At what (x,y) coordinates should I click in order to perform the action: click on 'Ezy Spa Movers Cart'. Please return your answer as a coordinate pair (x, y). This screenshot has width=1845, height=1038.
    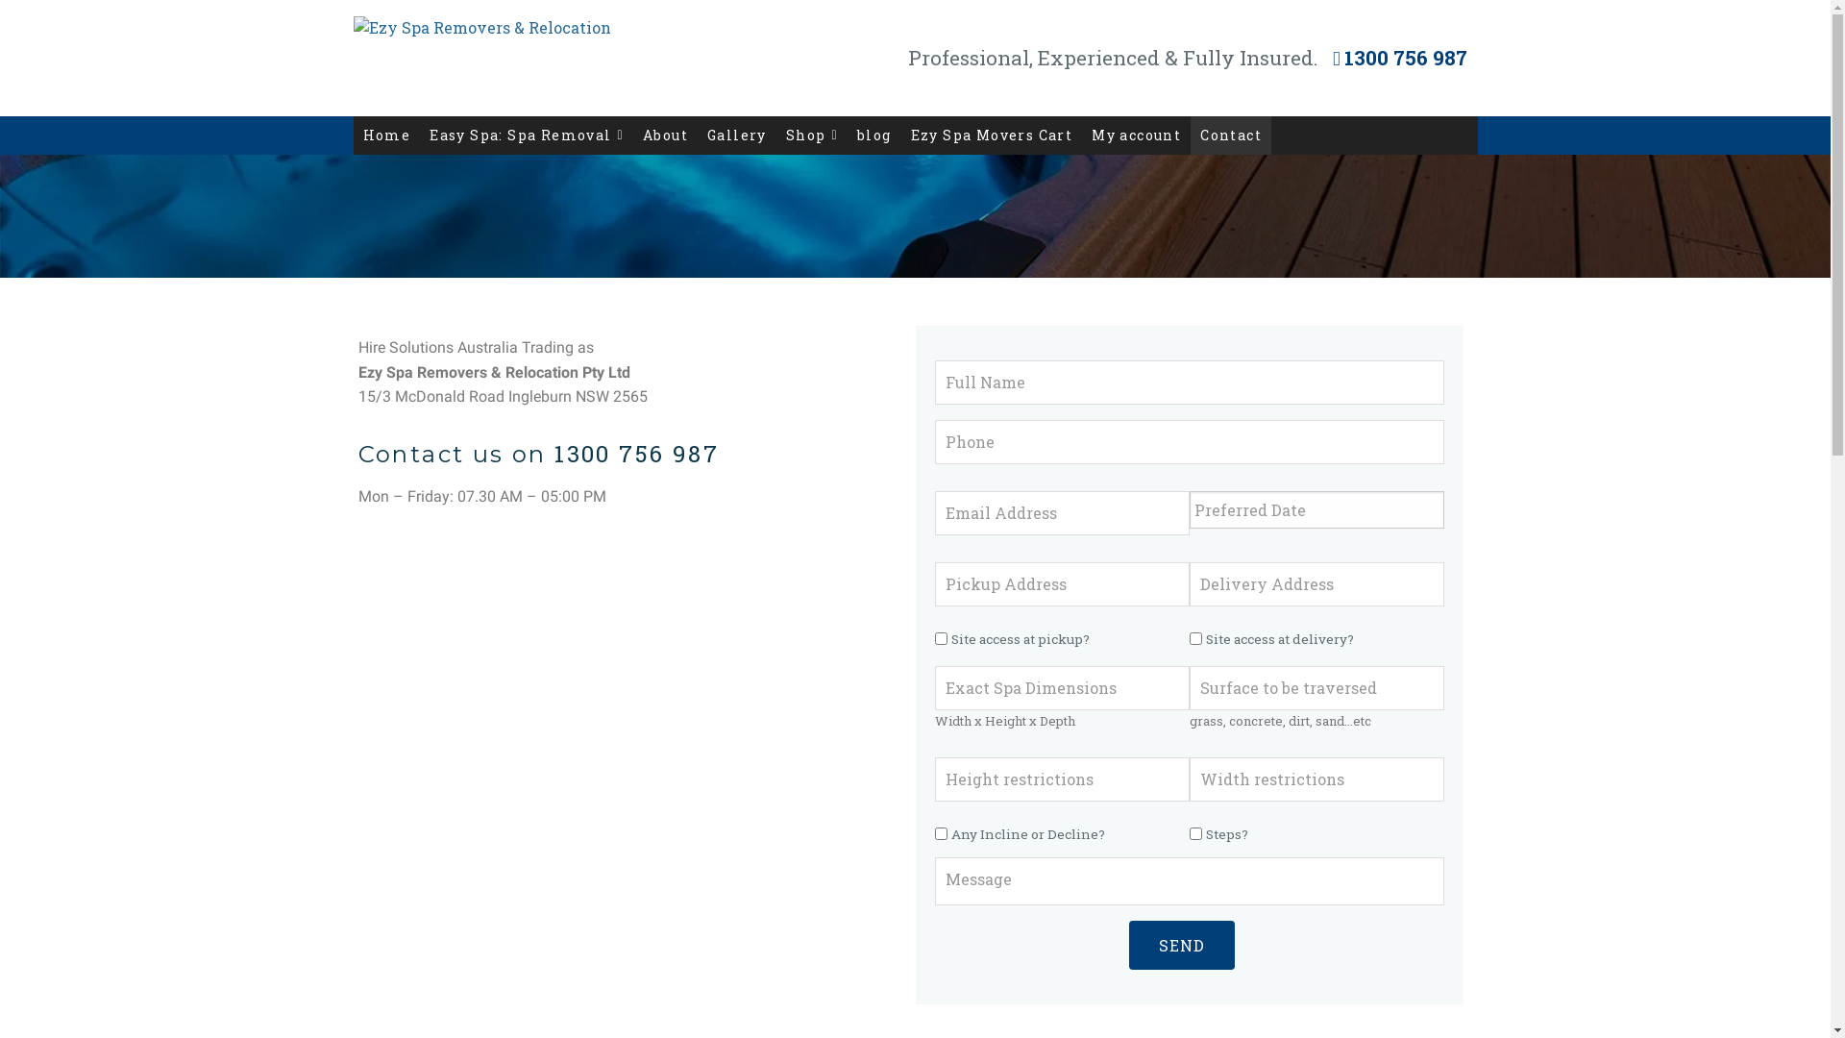
    Looking at the image, I should click on (992, 135).